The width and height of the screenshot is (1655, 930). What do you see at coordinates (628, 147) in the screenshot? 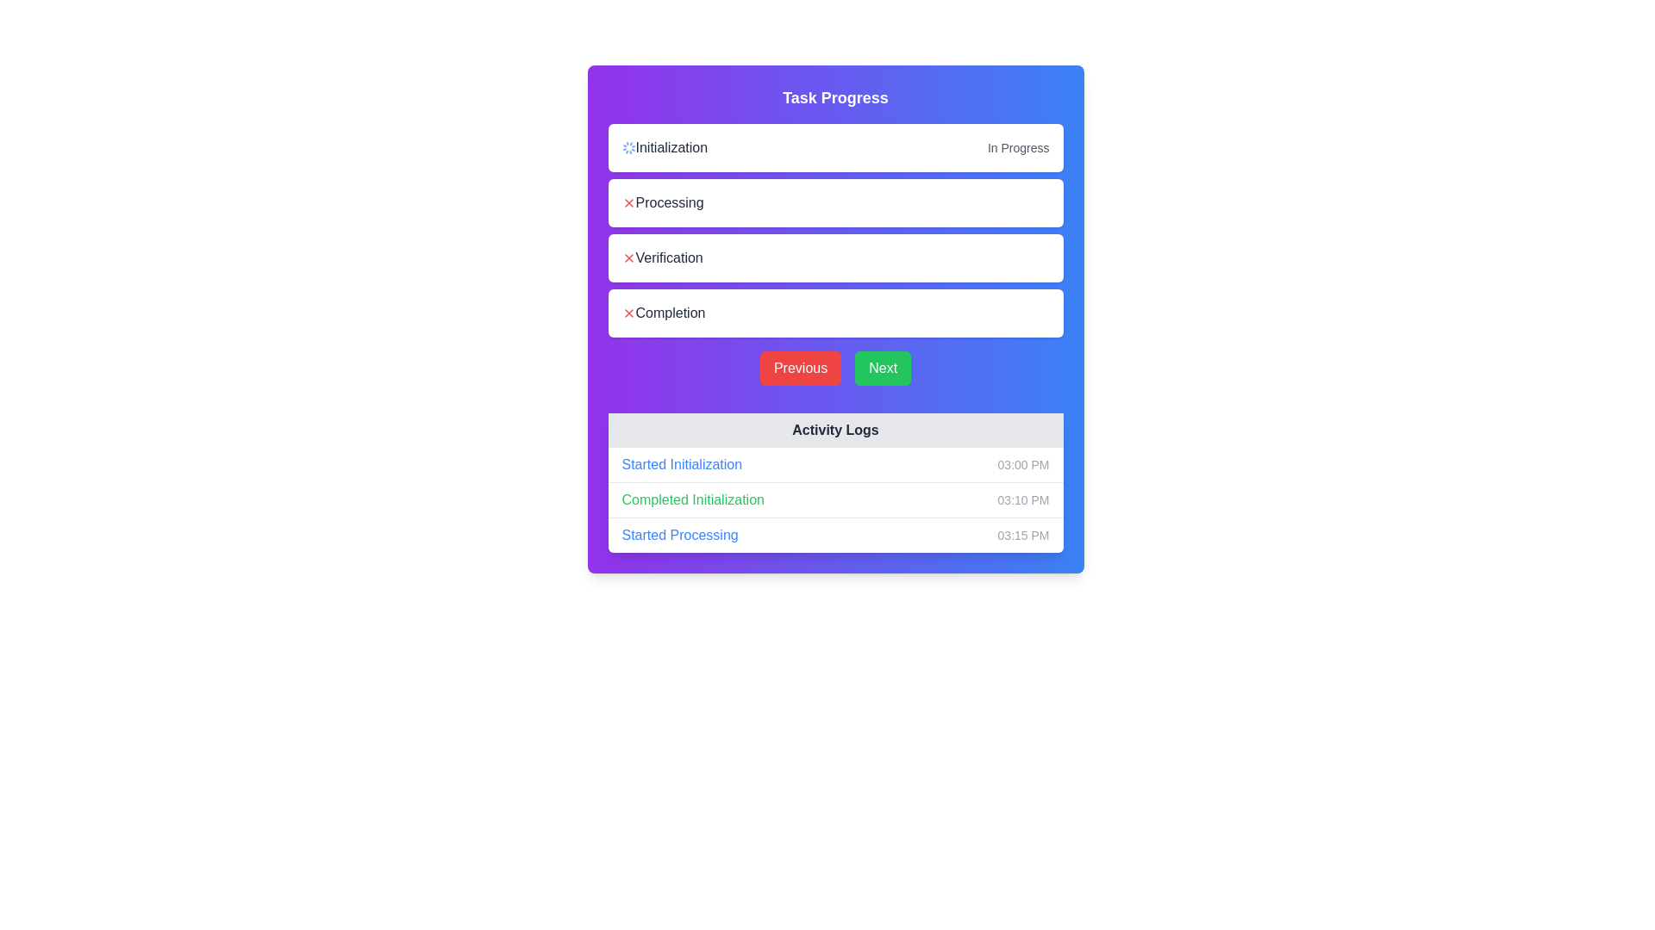
I see `small circular animated spinner icon with a blue color located to the left of the text 'Initialization' in the 'Task Progress' section` at bounding box center [628, 147].